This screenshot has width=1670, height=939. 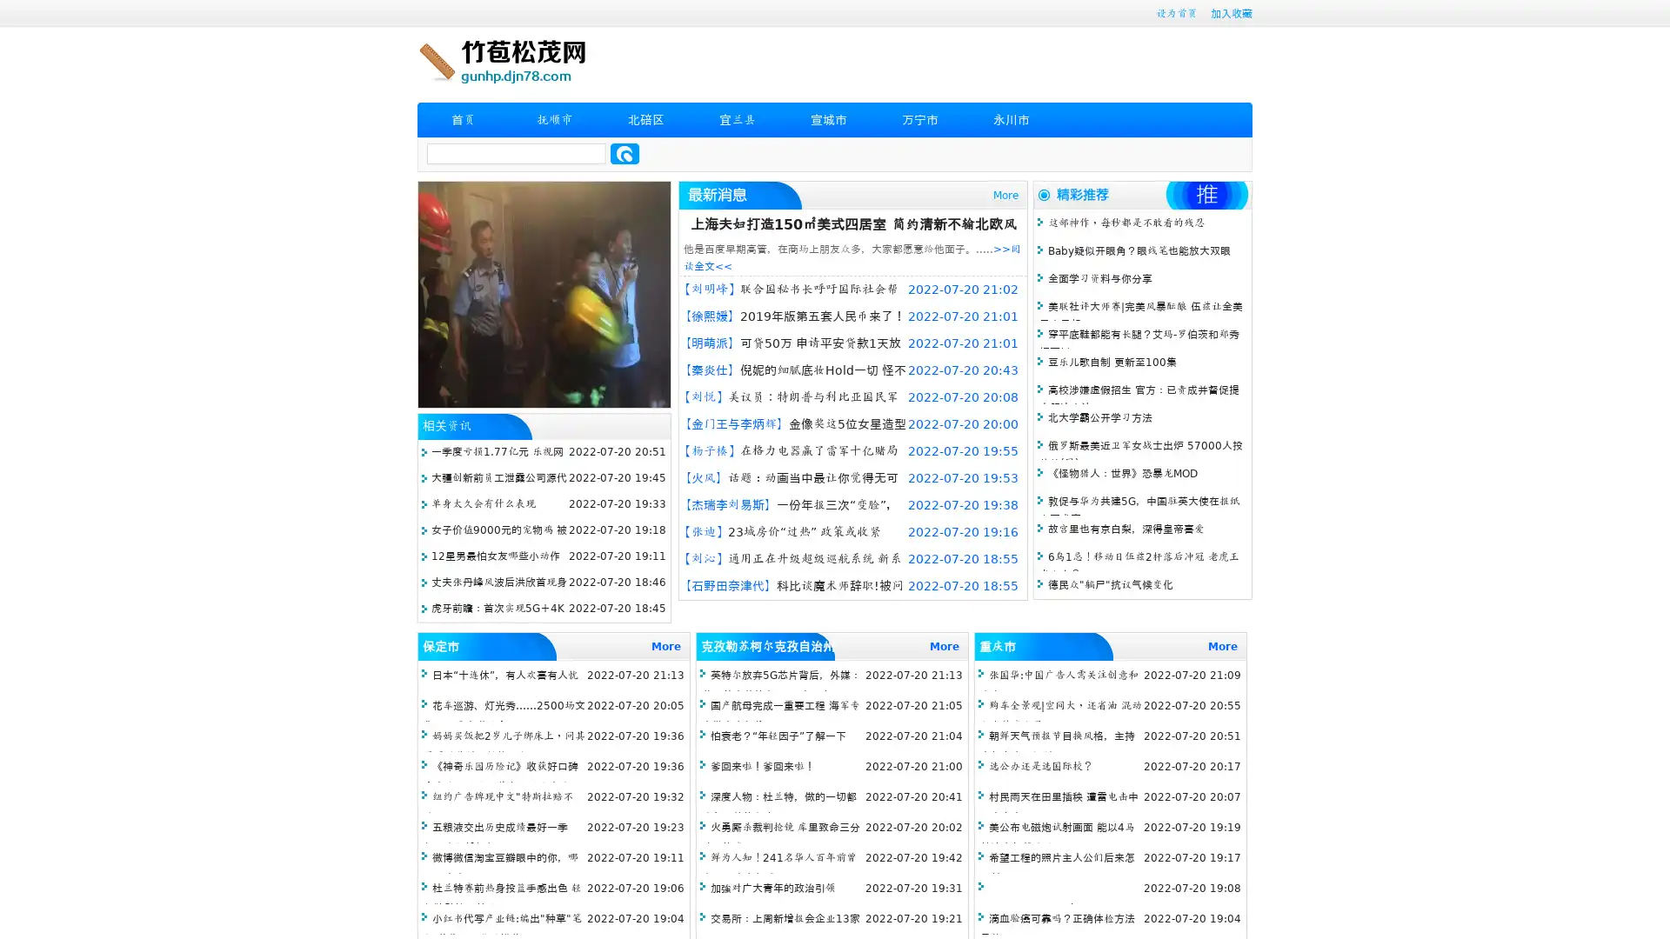 What do you see at coordinates (625, 153) in the screenshot?
I see `Search` at bounding box center [625, 153].